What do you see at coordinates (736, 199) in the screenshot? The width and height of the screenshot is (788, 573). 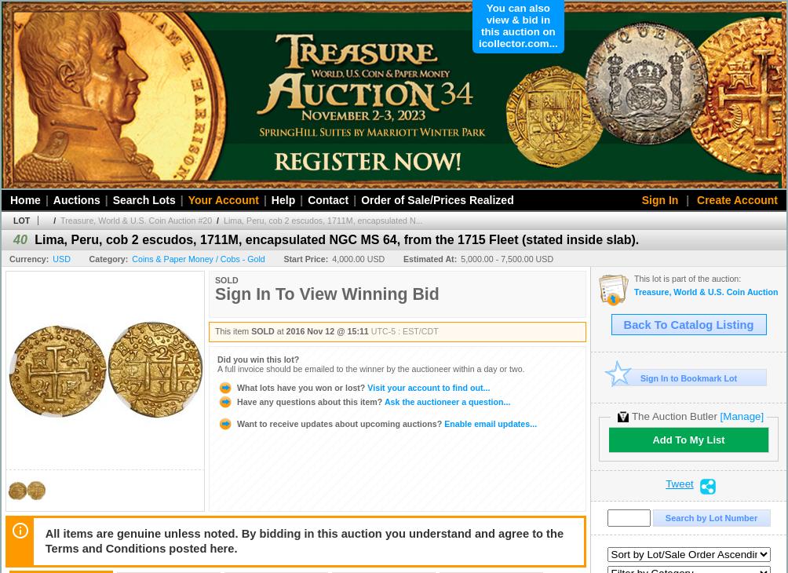 I see `'Create Account'` at bounding box center [736, 199].